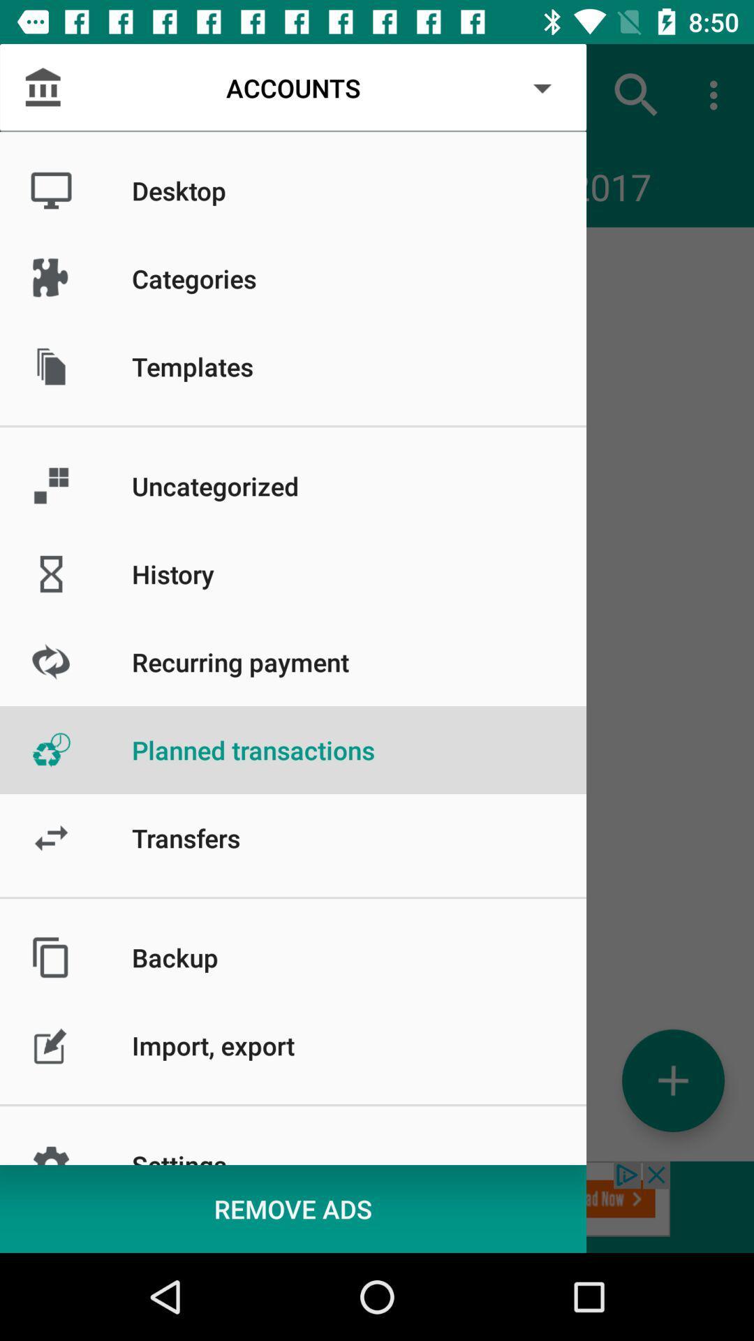 This screenshot has height=1341, width=754. I want to click on the item next to the planned transations item, so click(50, 94).